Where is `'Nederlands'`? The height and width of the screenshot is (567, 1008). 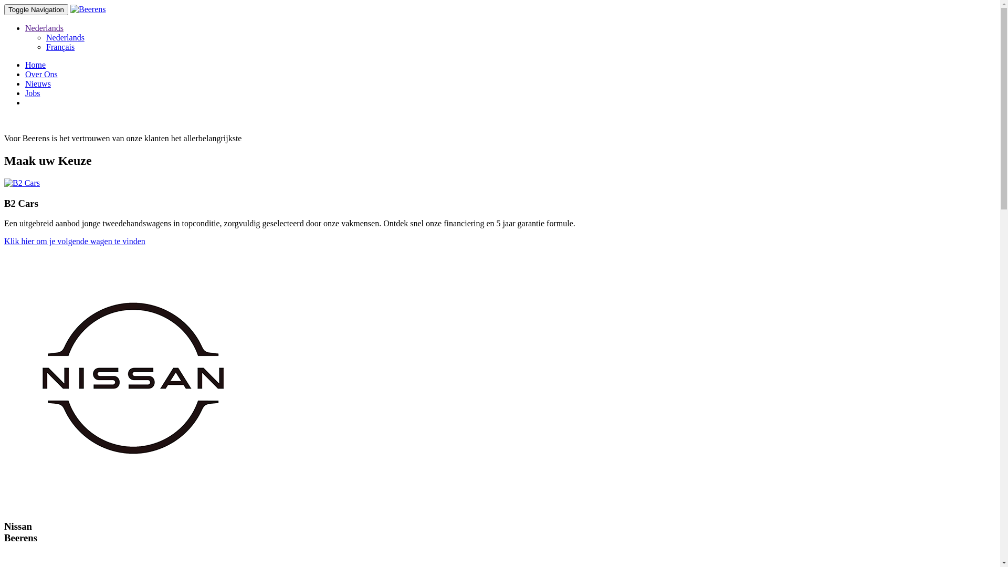 'Nederlands' is located at coordinates (25, 27).